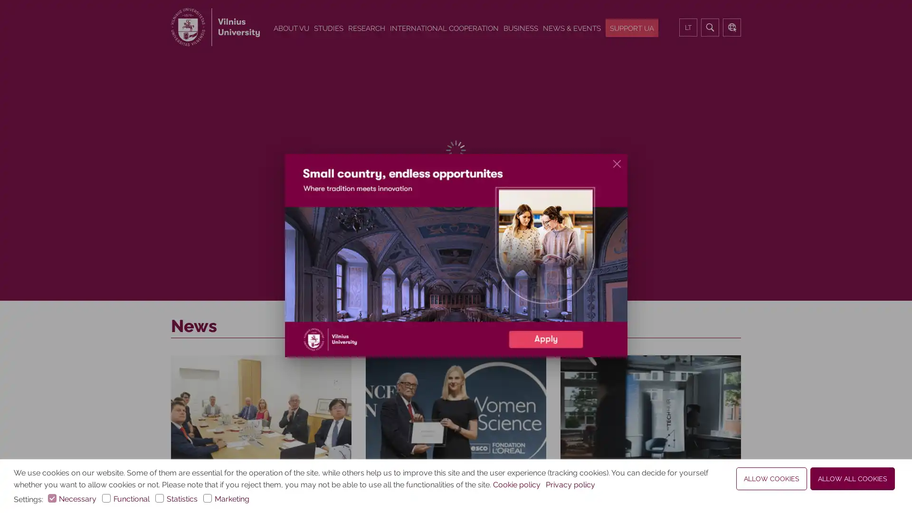  Describe the element at coordinates (771, 478) in the screenshot. I see `allow cookies` at that location.